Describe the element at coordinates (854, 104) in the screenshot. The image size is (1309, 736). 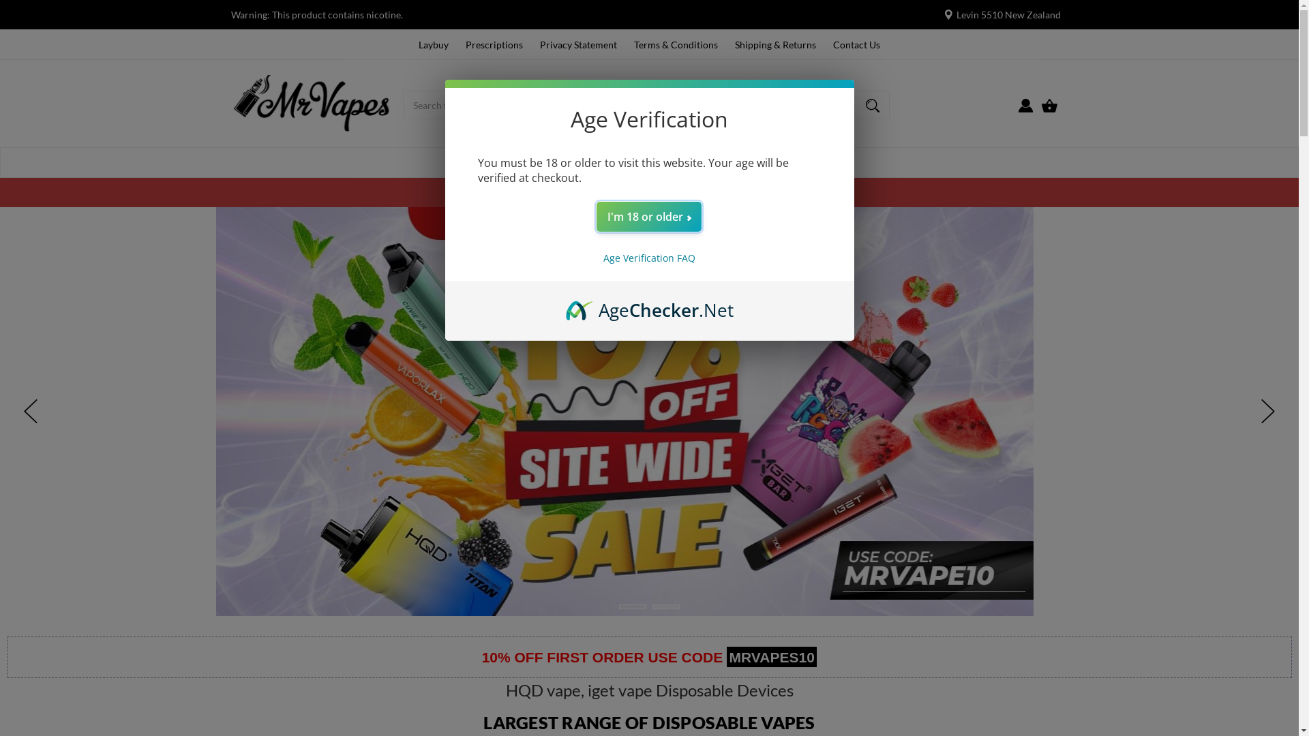
I see `'Magnifying glass image Large red circle with a black border'` at that location.